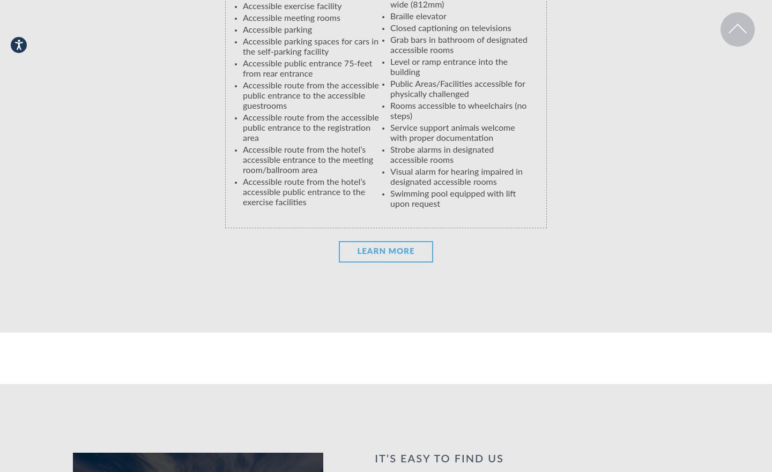 This screenshot has width=772, height=472. Describe the element at coordinates (390, 177) in the screenshot. I see `'Visual alarm for hearing impaired in designated accessible rooms'` at that location.